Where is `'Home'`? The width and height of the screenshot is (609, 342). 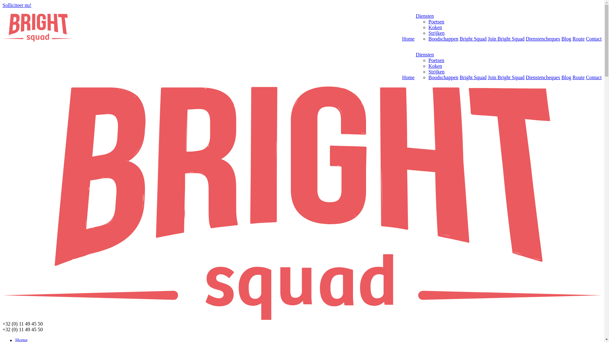 'Home' is located at coordinates (408, 77).